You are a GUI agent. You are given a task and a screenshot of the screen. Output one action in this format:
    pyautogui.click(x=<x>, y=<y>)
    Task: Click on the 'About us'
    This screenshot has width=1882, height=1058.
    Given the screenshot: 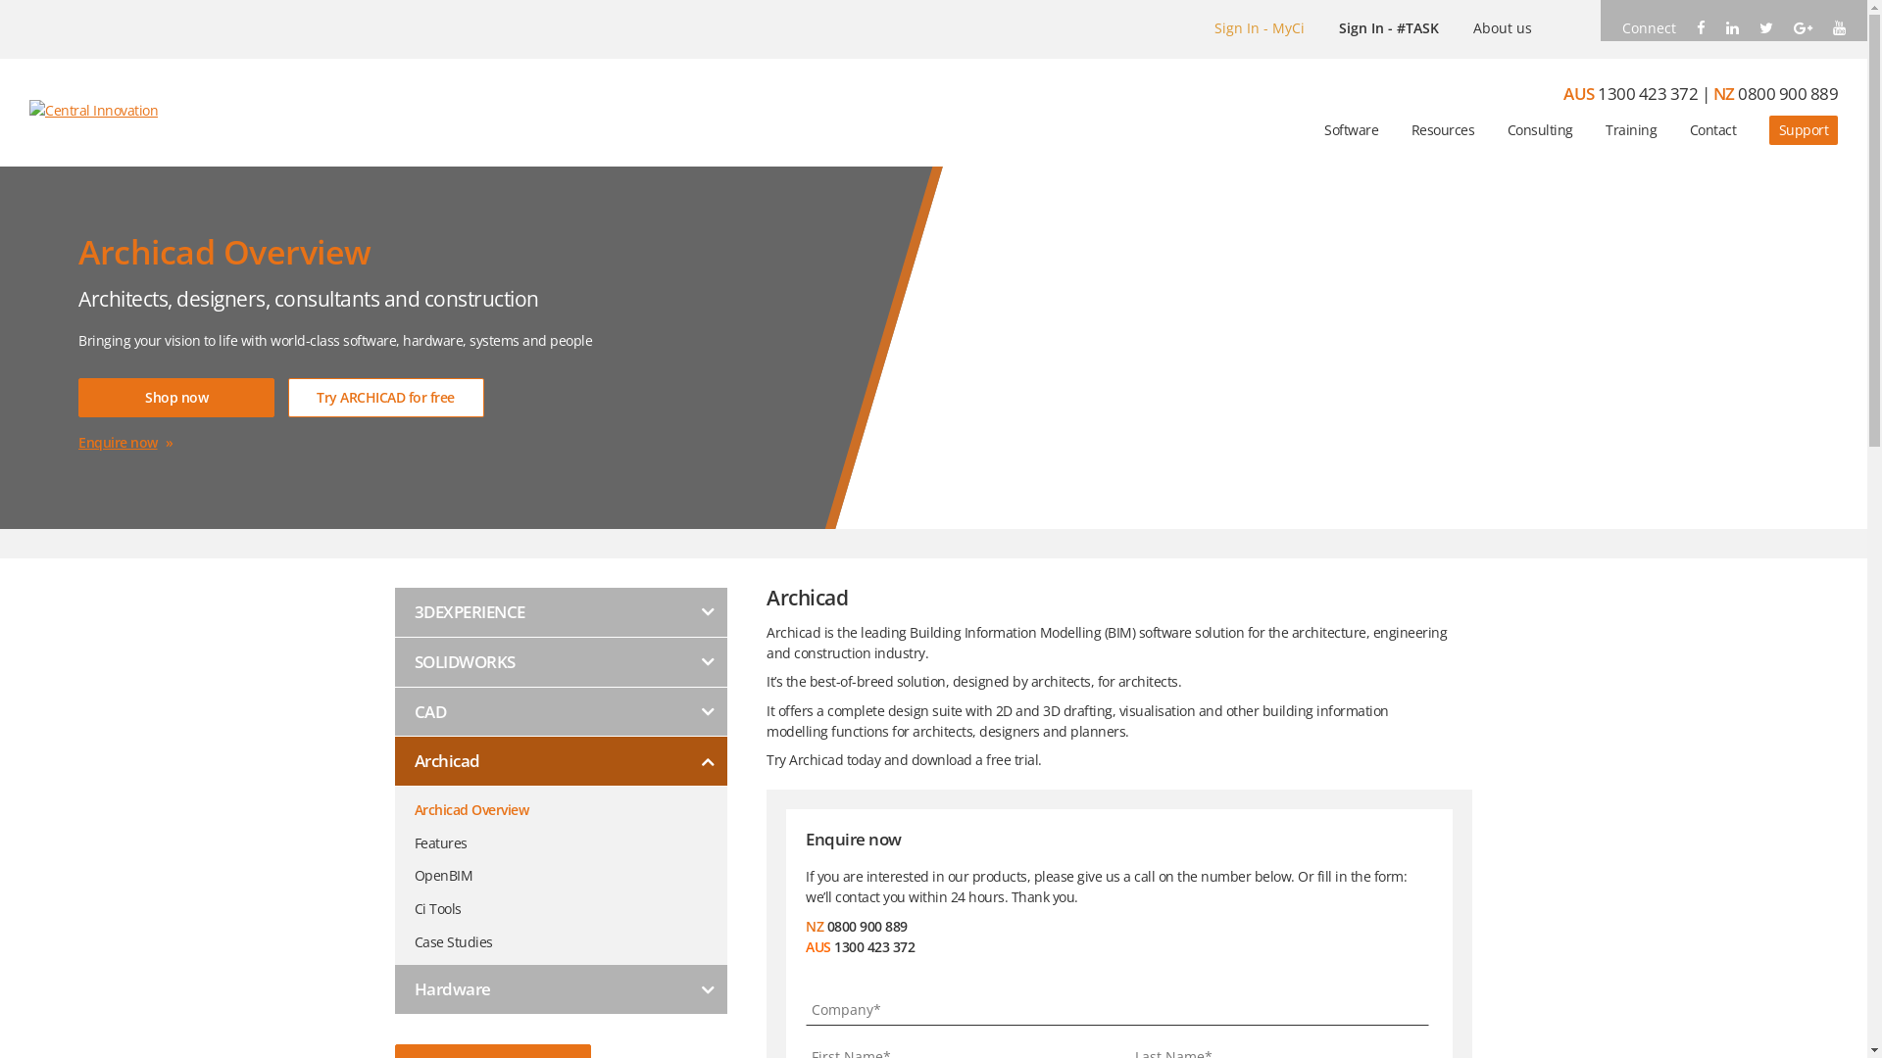 What is the action you would take?
    pyautogui.click(x=1501, y=27)
    